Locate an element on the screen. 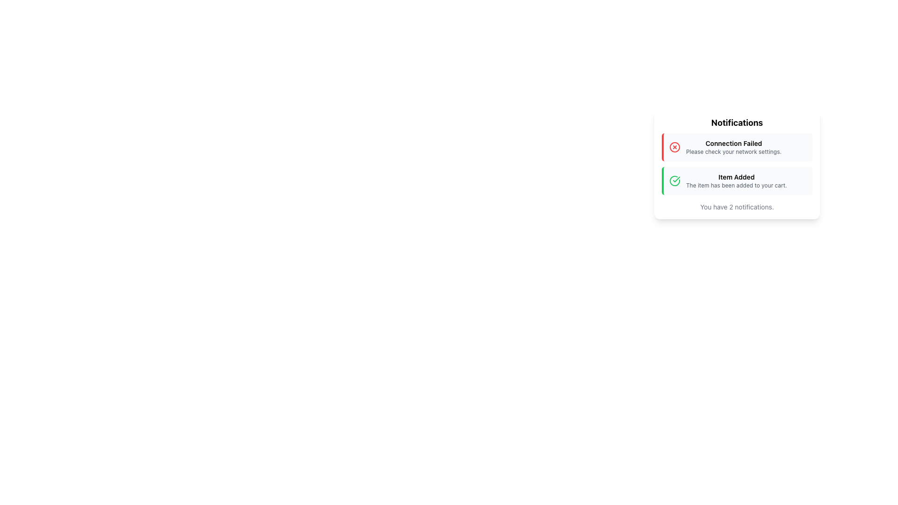 Image resolution: width=898 pixels, height=505 pixels. the decorative SVG circle element that signifies an error or failed status within the notification icon located in the top-left region of the notification card showing 'Connection Failed' is located at coordinates (675, 147).